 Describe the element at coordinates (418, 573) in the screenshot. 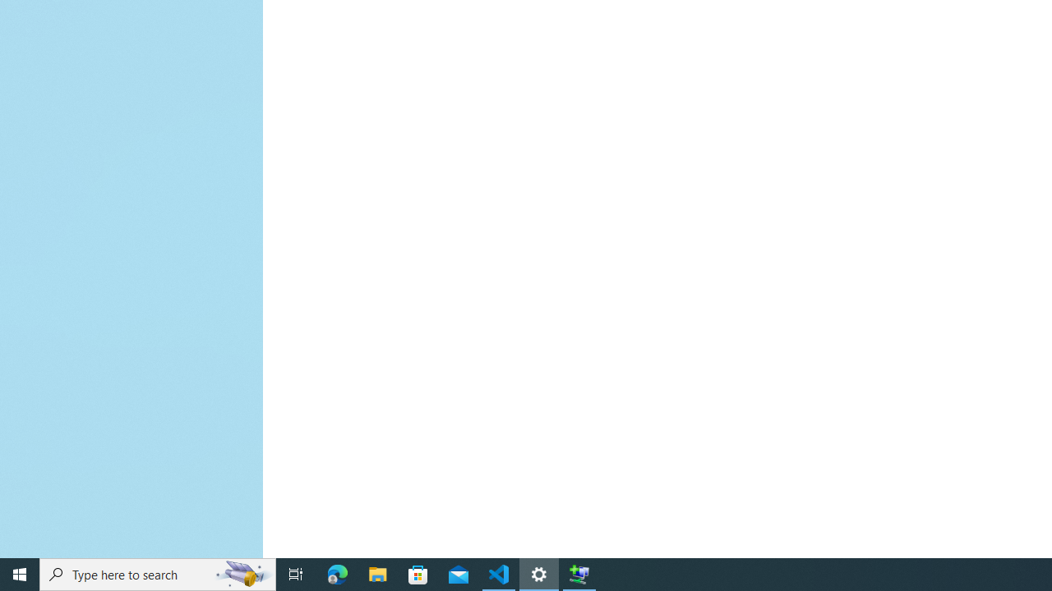

I see `'Microsoft Store'` at that location.